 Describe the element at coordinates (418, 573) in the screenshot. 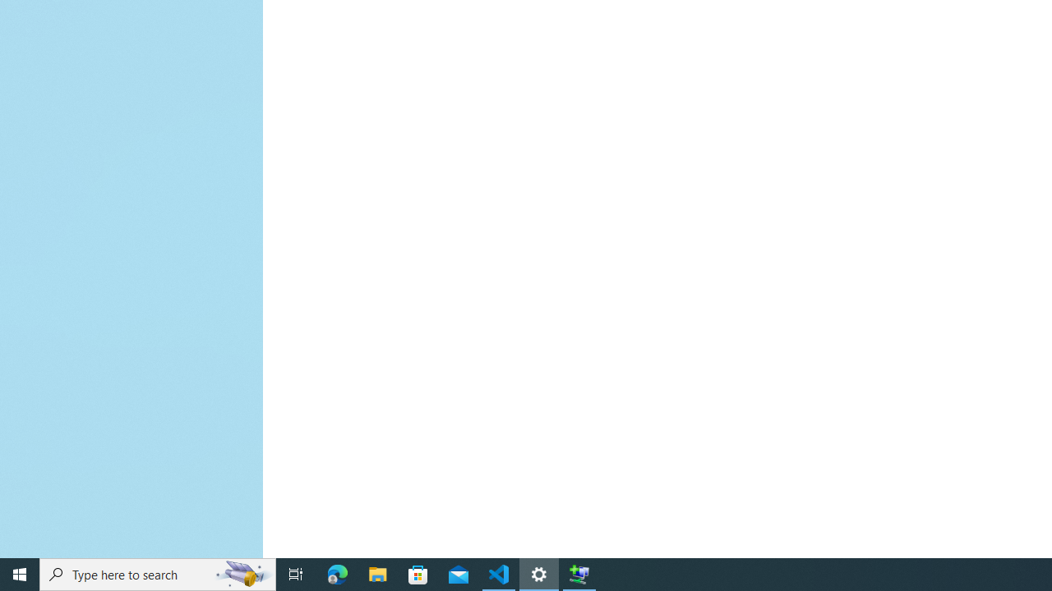

I see `'Microsoft Store'` at that location.